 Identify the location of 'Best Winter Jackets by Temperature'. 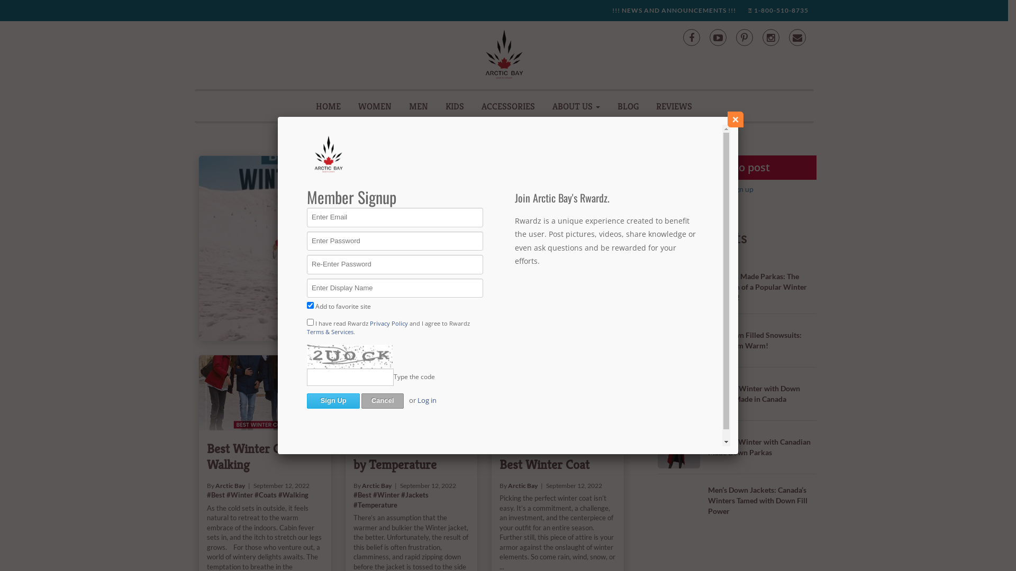
(405, 456).